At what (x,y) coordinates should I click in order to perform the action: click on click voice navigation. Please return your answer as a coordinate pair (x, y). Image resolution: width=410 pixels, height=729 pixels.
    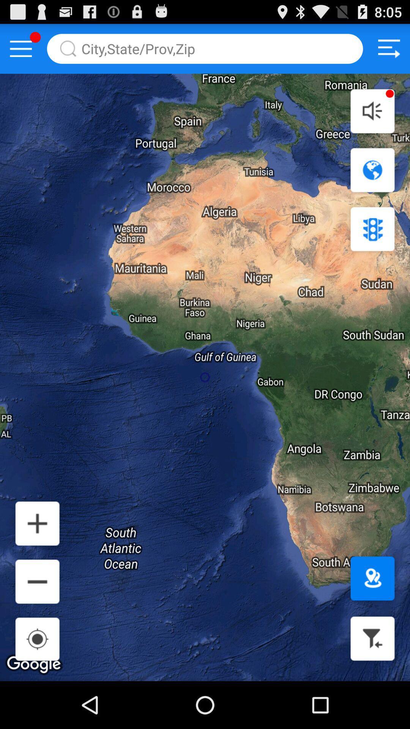
    Looking at the image, I should click on (372, 110).